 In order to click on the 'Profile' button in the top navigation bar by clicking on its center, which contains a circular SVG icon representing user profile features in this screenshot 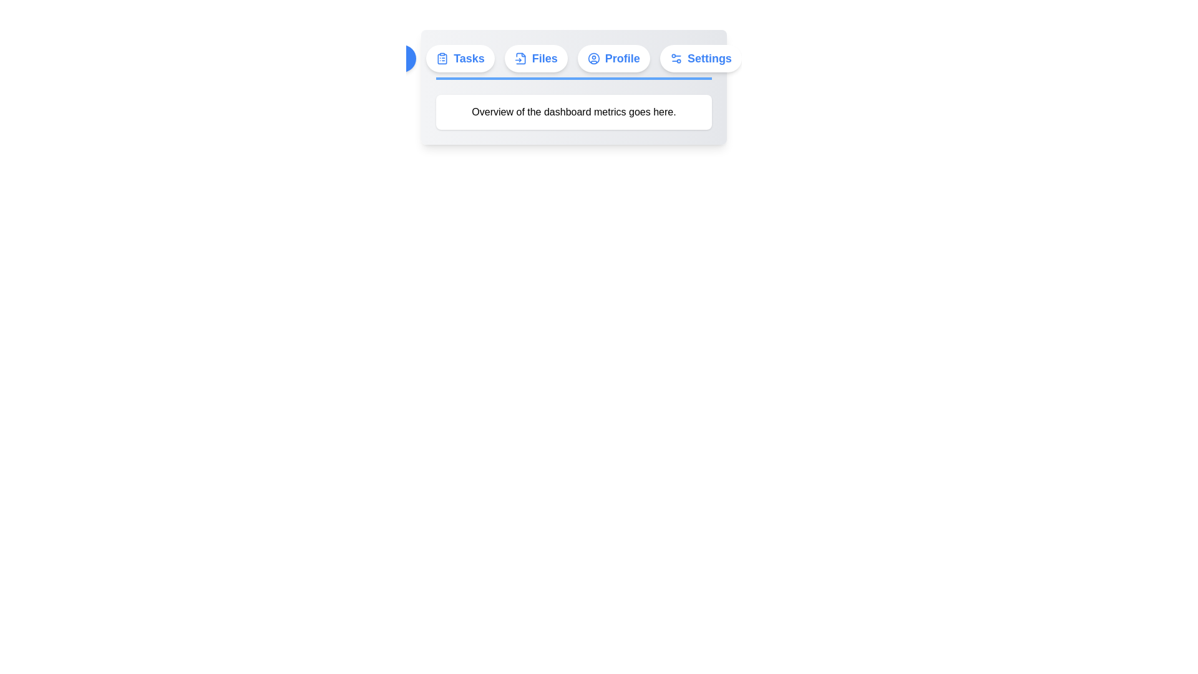, I will do `click(593, 58)`.